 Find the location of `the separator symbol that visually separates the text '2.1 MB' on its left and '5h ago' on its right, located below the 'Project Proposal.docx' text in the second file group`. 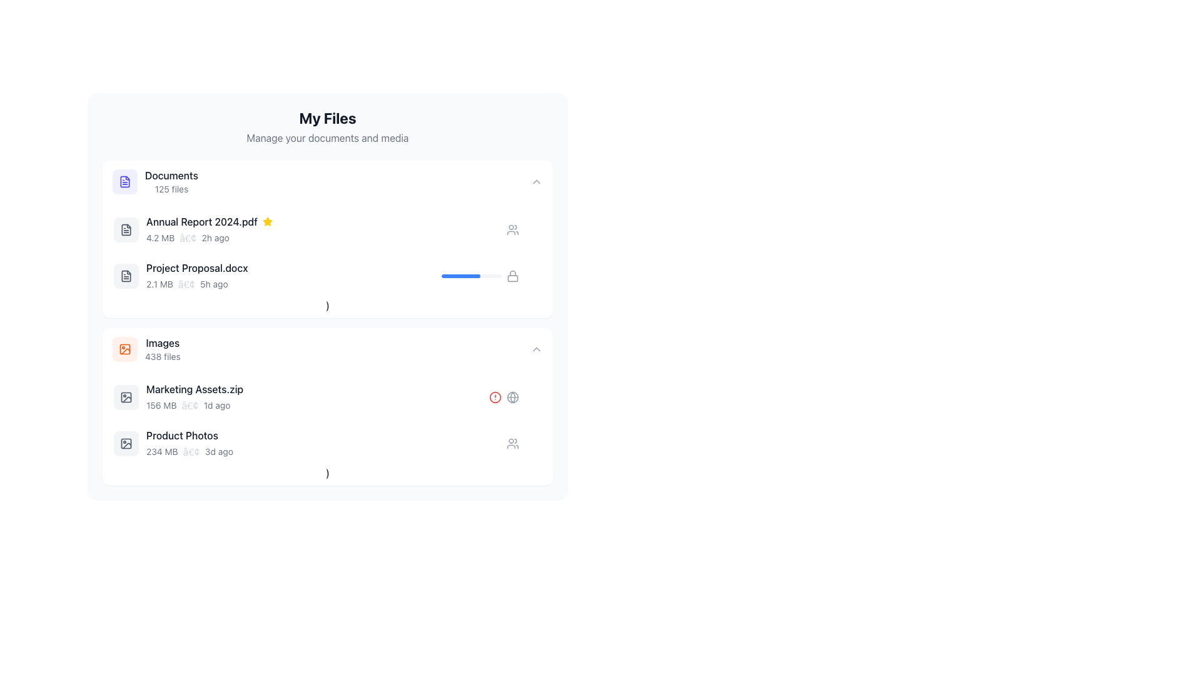

the separator symbol that visually separates the text '2.1 MB' on its left and '5h ago' on its right, located below the 'Project Proposal.docx' text in the second file group is located at coordinates (186, 284).